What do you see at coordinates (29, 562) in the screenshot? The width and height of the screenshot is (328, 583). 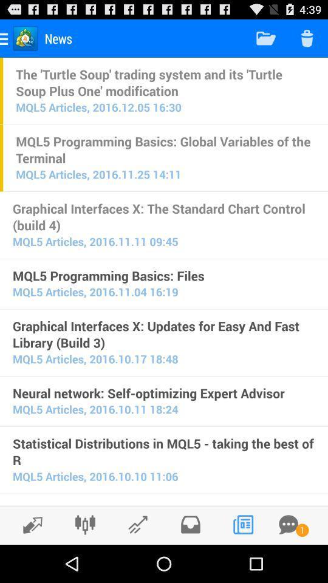 I see `the edit icon` at bounding box center [29, 562].